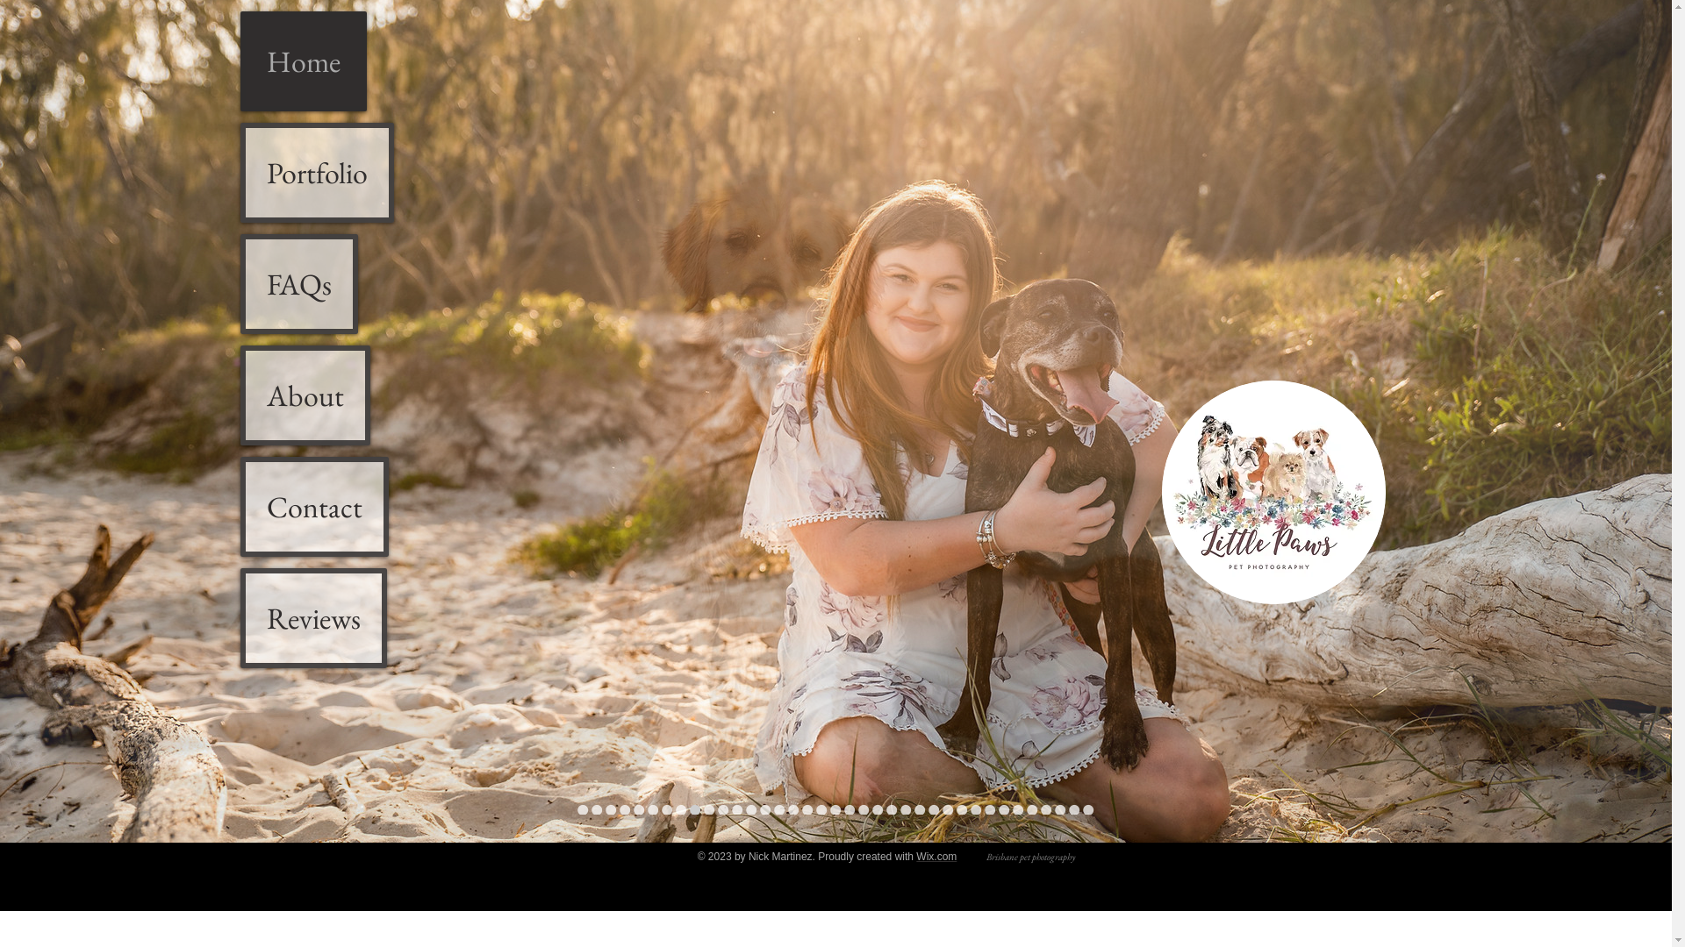 This screenshot has height=947, width=1685. I want to click on 'Wix.com', so click(935, 855).